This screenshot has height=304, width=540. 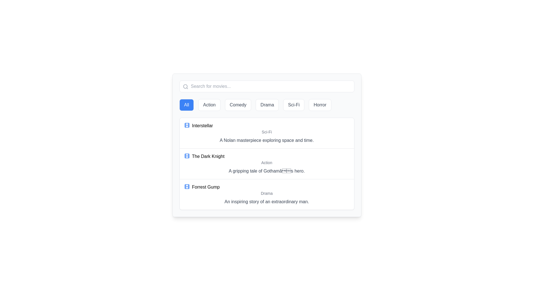 I want to click on the blue-bordered filmstrip icon located at the leftmost side of the row for 'The Dark Knight', so click(x=187, y=156).